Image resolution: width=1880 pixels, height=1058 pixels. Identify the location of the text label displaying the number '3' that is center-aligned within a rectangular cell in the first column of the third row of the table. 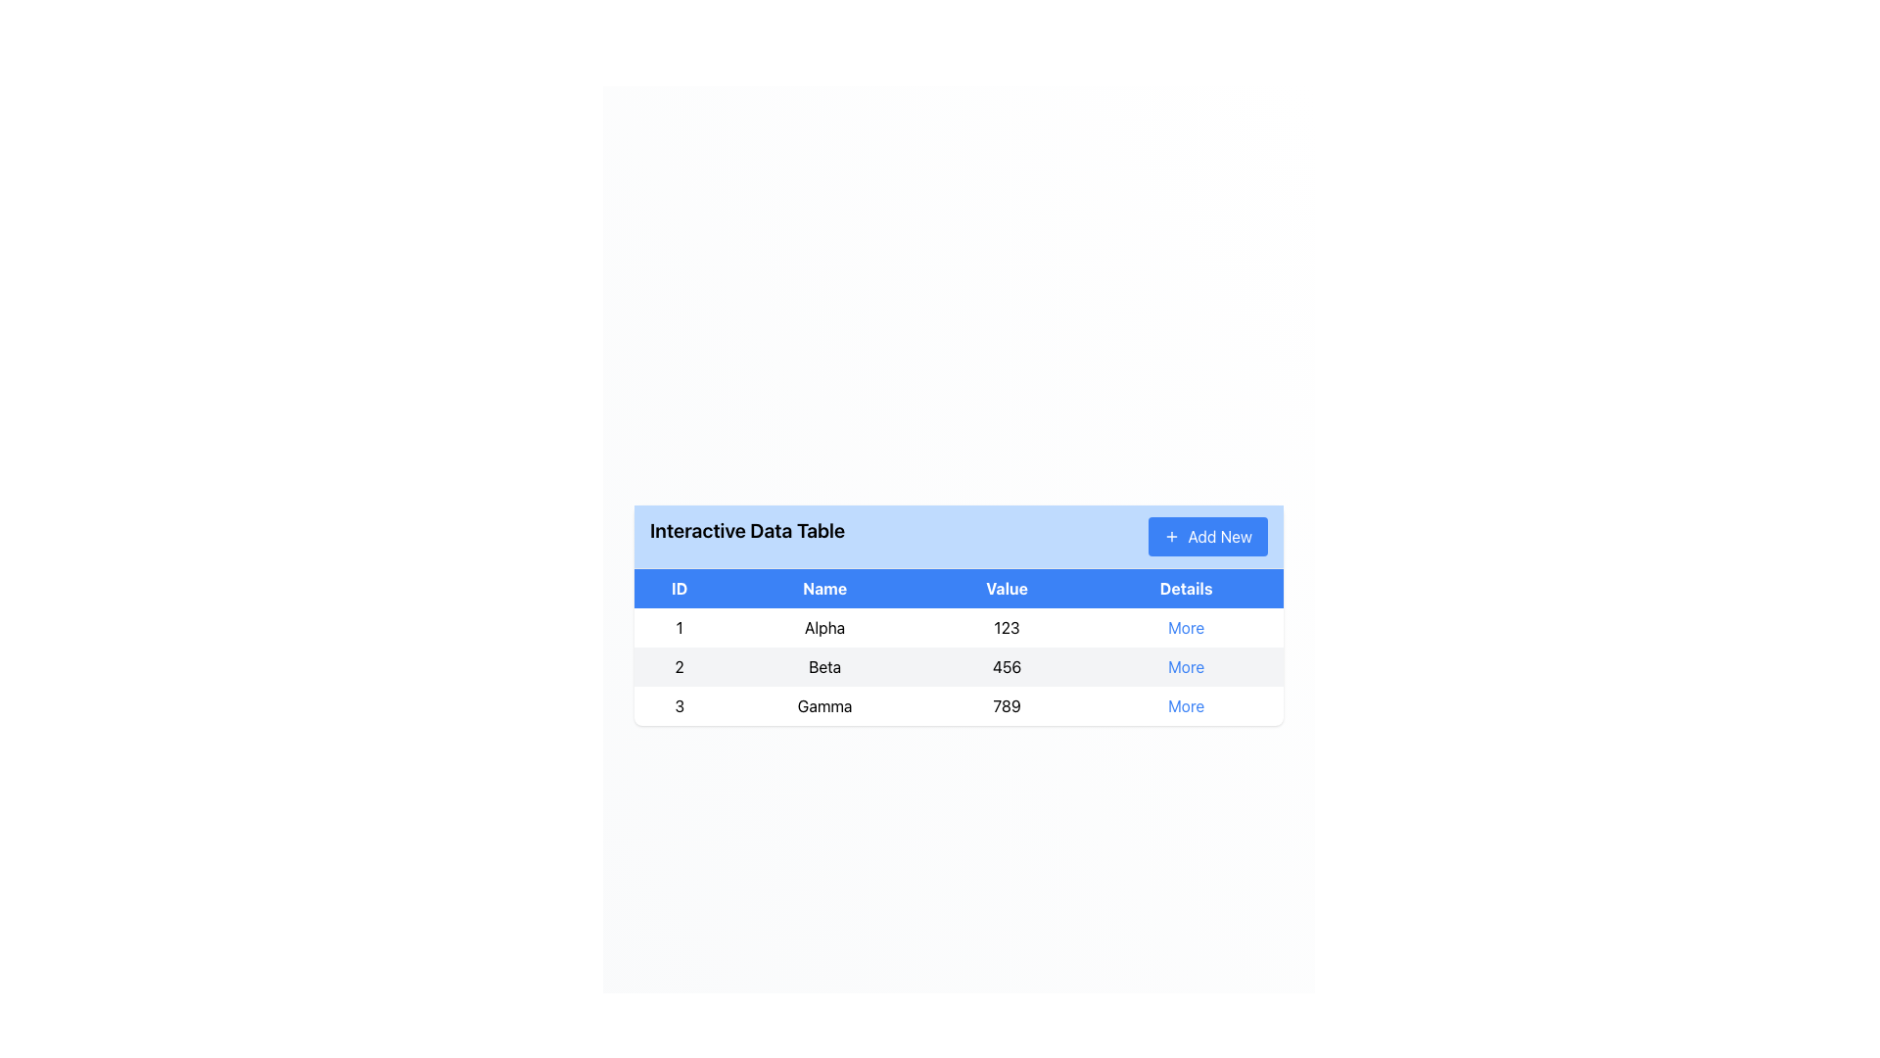
(680, 705).